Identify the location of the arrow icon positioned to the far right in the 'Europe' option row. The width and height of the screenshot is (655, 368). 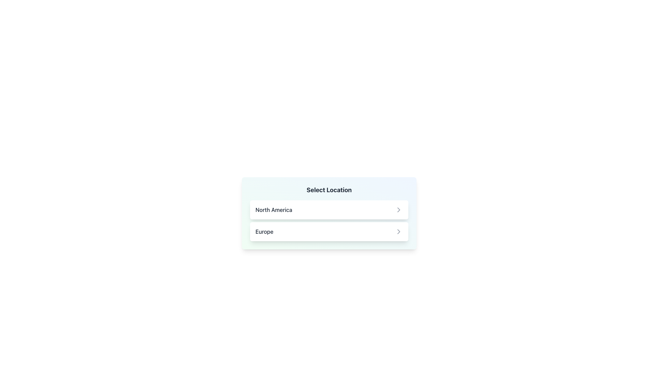
(399, 231).